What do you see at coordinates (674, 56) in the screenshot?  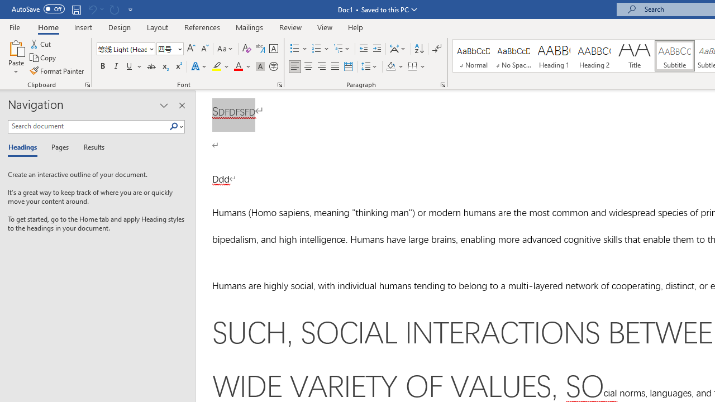 I see `'Subtitle'` at bounding box center [674, 56].